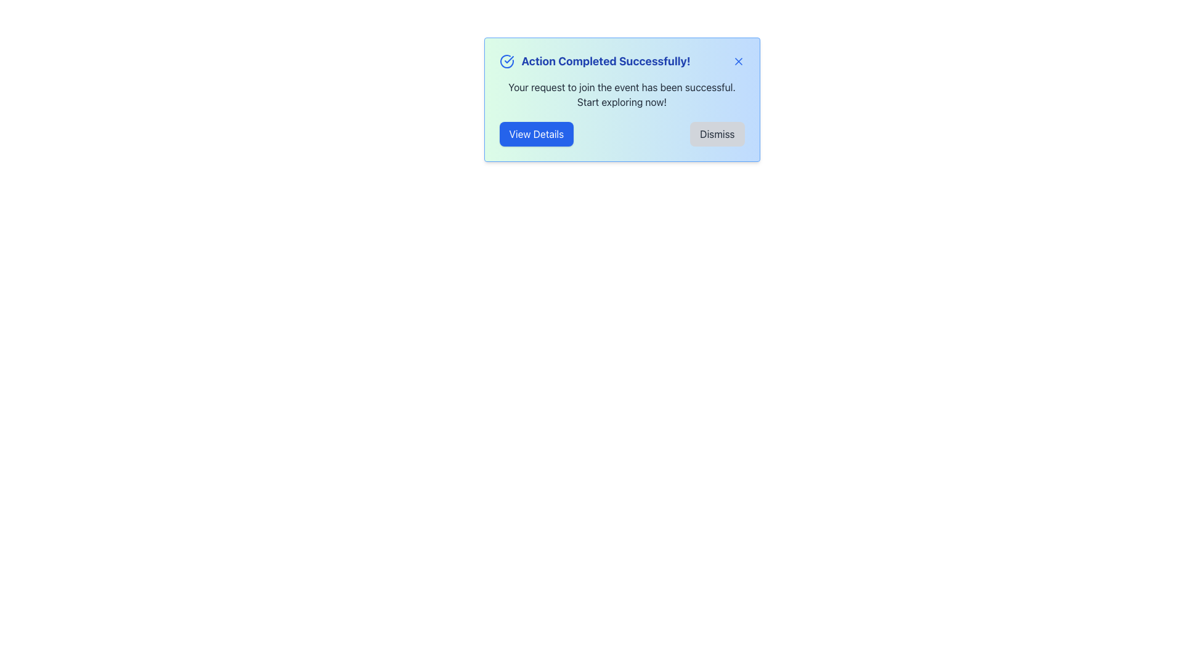 This screenshot has width=1183, height=665. Describe the element at coordinates (595, 62) in the screenshot. I see `text from the Notification header that confirms an action was completed successfully, which is located near the top of the page` at that location.